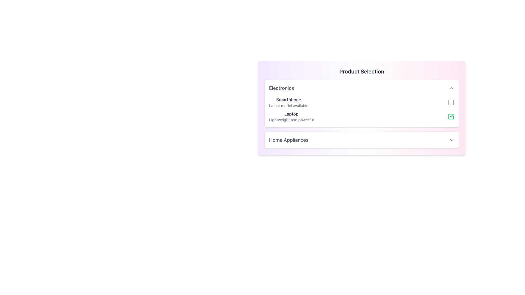  Describe the element at coordinates (451, 116) in the screenshot. I see `the checkbox with a green border and a checkmark inside, positioned to the far right of the text 'Laptop'` at that location.